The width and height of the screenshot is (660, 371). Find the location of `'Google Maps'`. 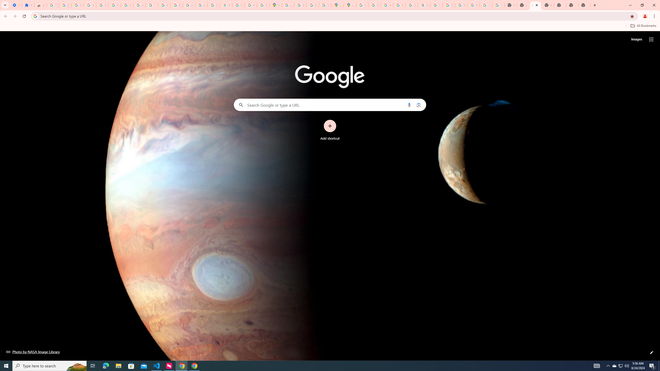

'Google Maps' is located at coordinates (275, 5).